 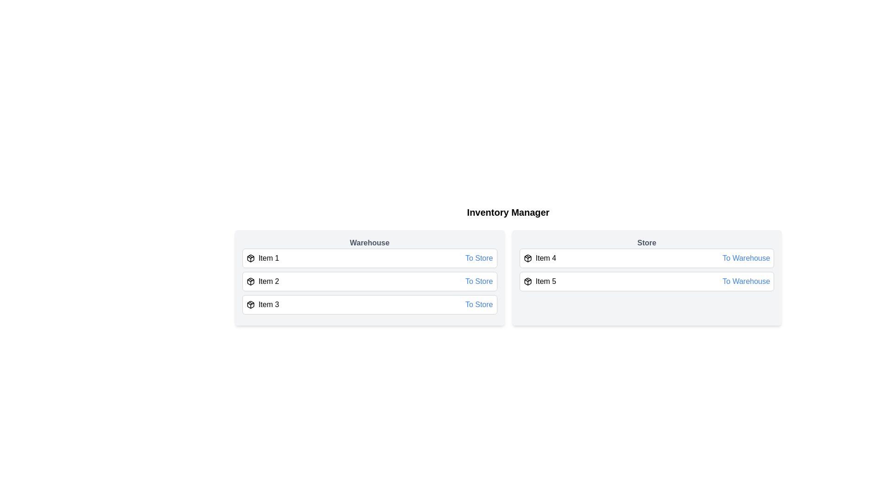 I want to click on the button to transfer Item 4 from Store to <destination>, so click(x=746, y=258).